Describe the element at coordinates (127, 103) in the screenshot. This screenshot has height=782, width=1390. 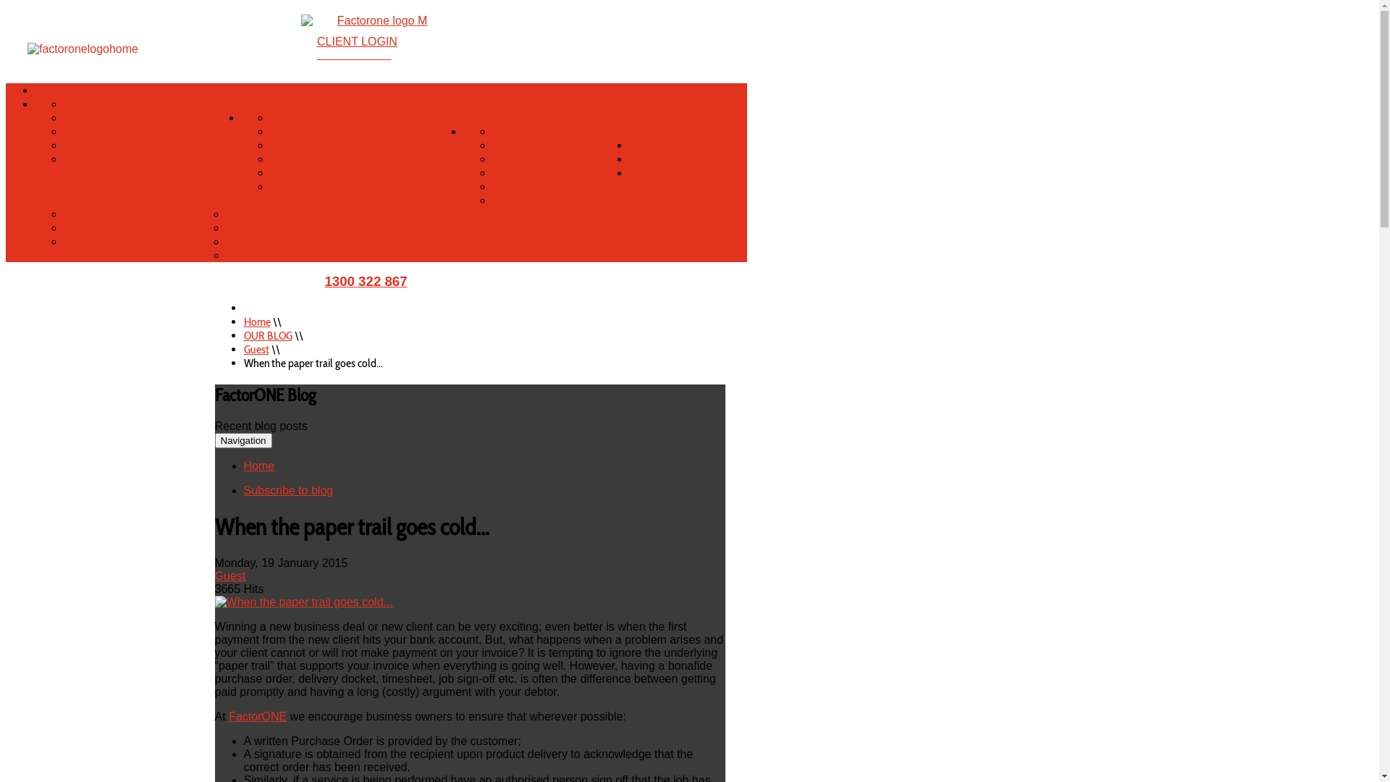
I see `'WHAT IS INVOICE FINANCE?'` at that location.